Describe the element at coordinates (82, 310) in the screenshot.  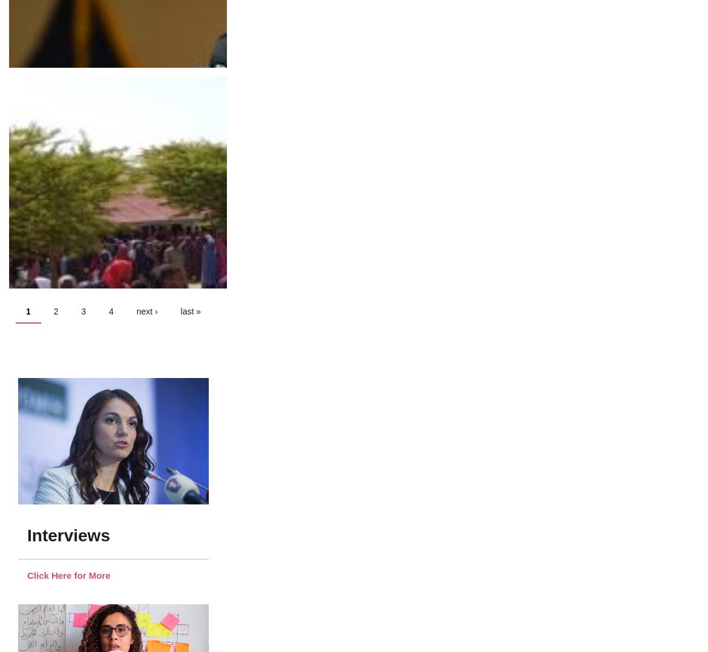
I see `'3'` at that location.